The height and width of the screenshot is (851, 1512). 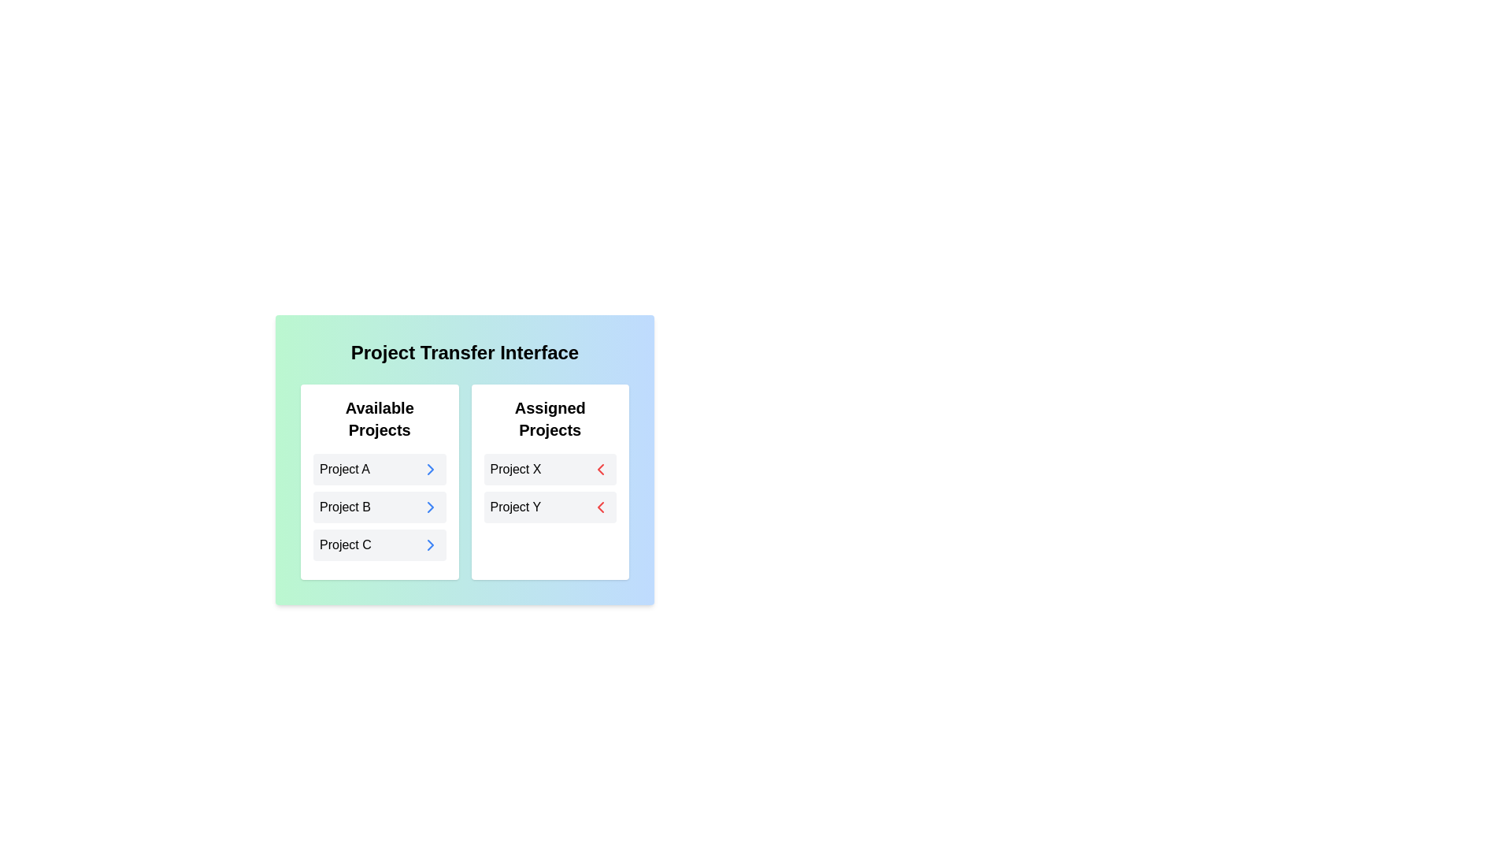 What do you see at coordinates (344, 507) in the screenshot?
I see `the 'Project B' label` at bounding box center [344, 507].